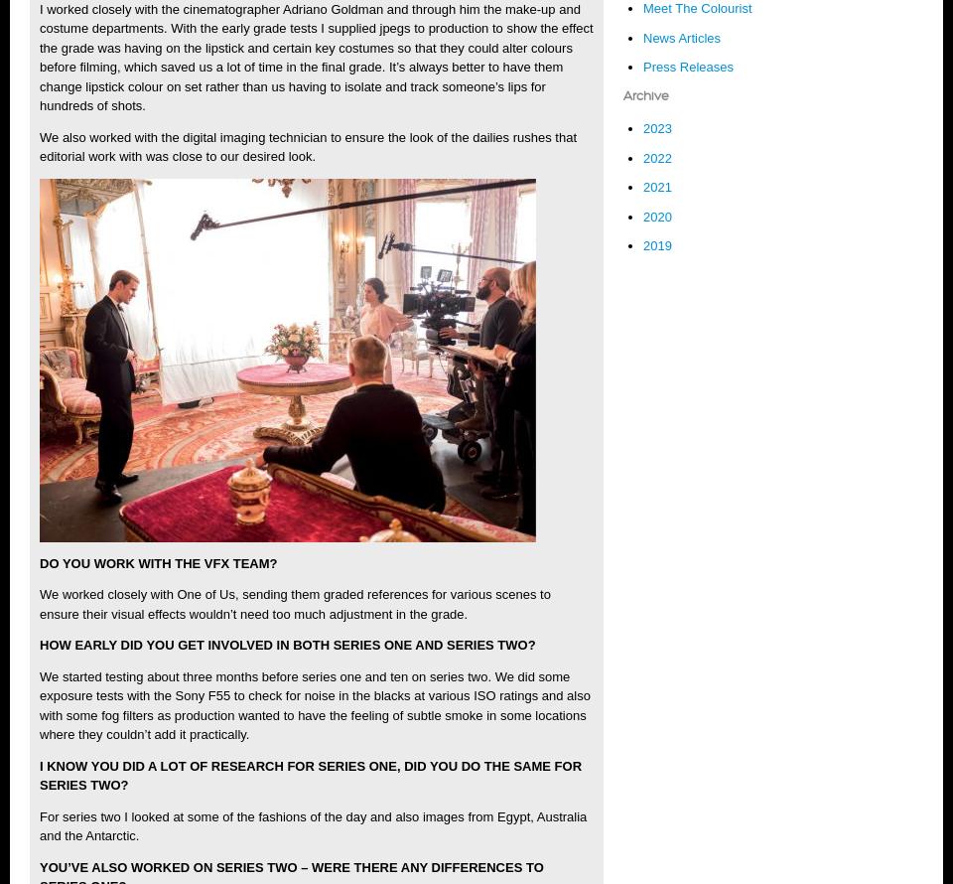 The image size is (953, 884). What do you see at coordinates (286, 645) in the screenshot?
I see `'HOW EARLY DID YOU GET INVOLVED IN BOTH SERIES ONE AND SERIES TWO?'` at bounding box center [286, 645].